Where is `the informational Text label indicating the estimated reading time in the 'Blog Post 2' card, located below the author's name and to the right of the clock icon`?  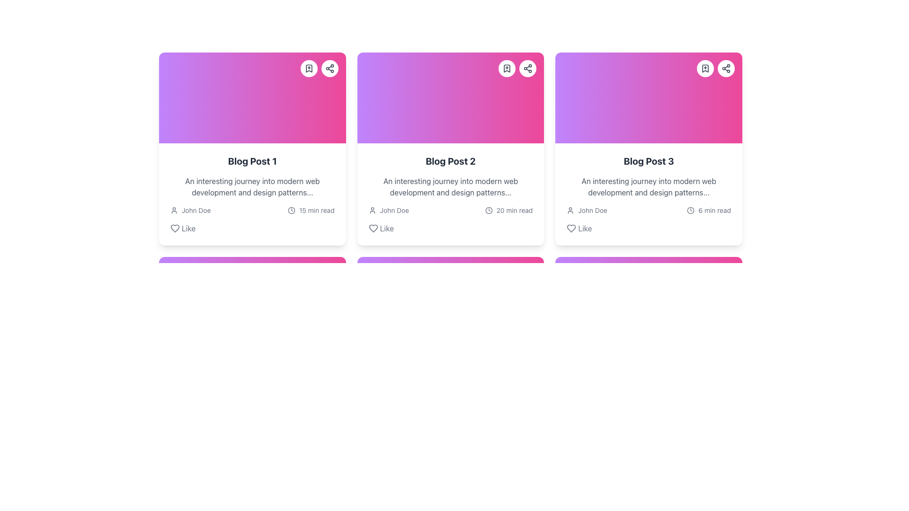 the informational Text label indicating the estimated reading time in the 'Blog Post 2' card, located below the author's name and to the right of the clock icon is located at coordinates (514, 210).